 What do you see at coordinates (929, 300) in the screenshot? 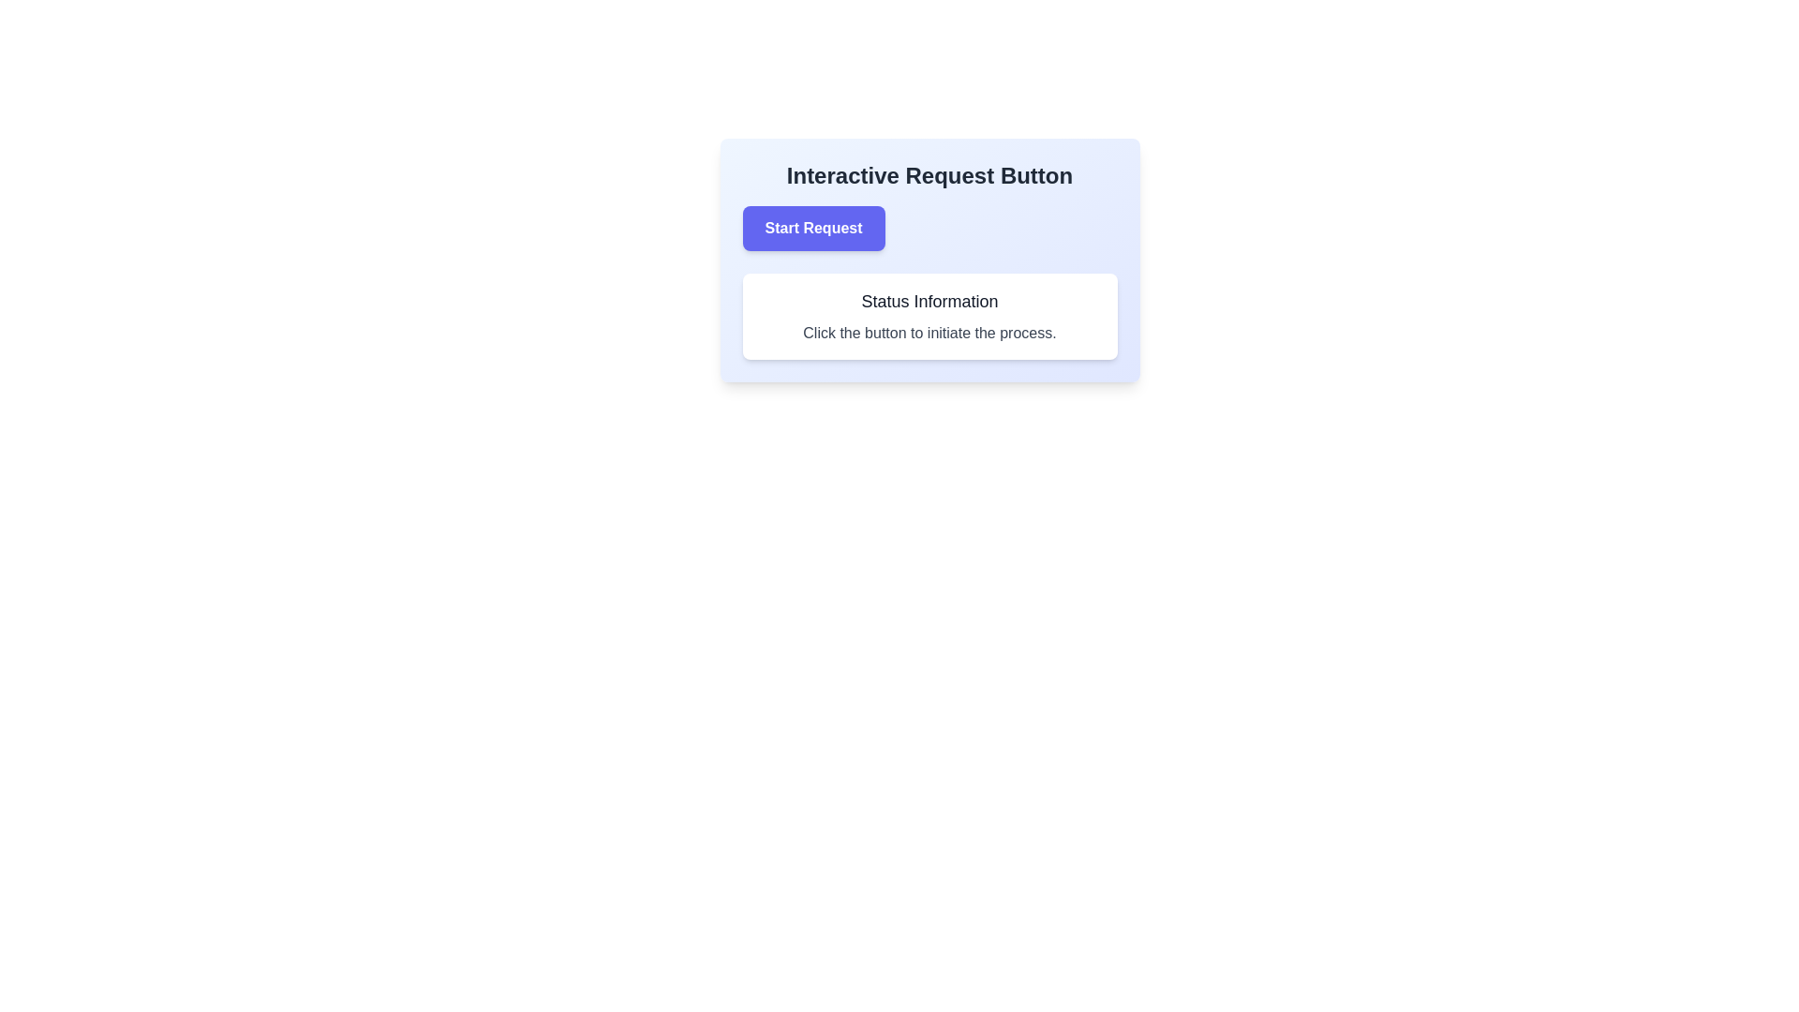
I see `the text label displaying 'Status Information', which is styled in a larger bold font and located at the top-center of a white card interface` at bounding box center [929, 300].